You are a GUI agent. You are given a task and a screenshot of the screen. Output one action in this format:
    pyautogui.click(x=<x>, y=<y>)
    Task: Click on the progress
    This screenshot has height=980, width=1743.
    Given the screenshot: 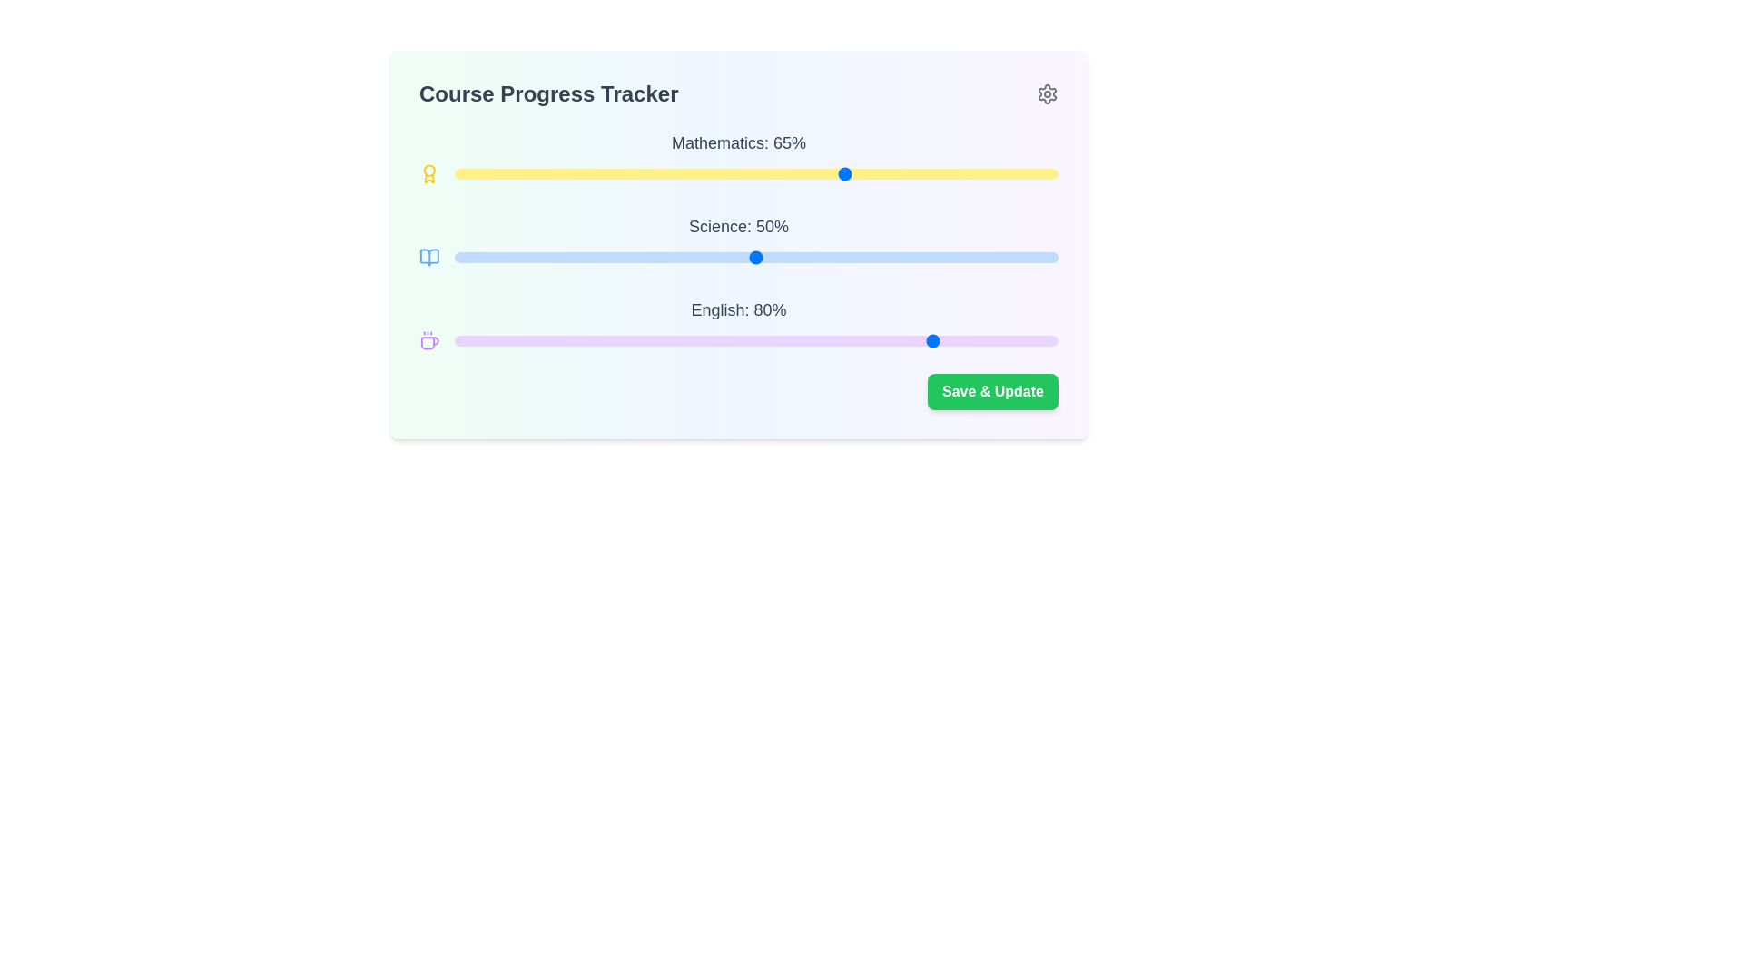 What is the action you would take?
    pyautogui.click(x=484, y=258)
    